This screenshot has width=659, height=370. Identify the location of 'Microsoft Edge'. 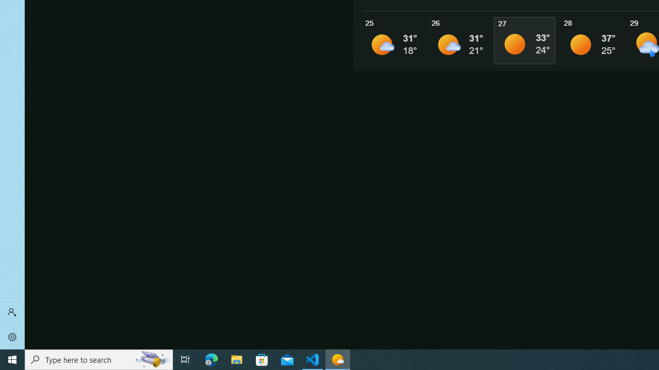
(211, 359).